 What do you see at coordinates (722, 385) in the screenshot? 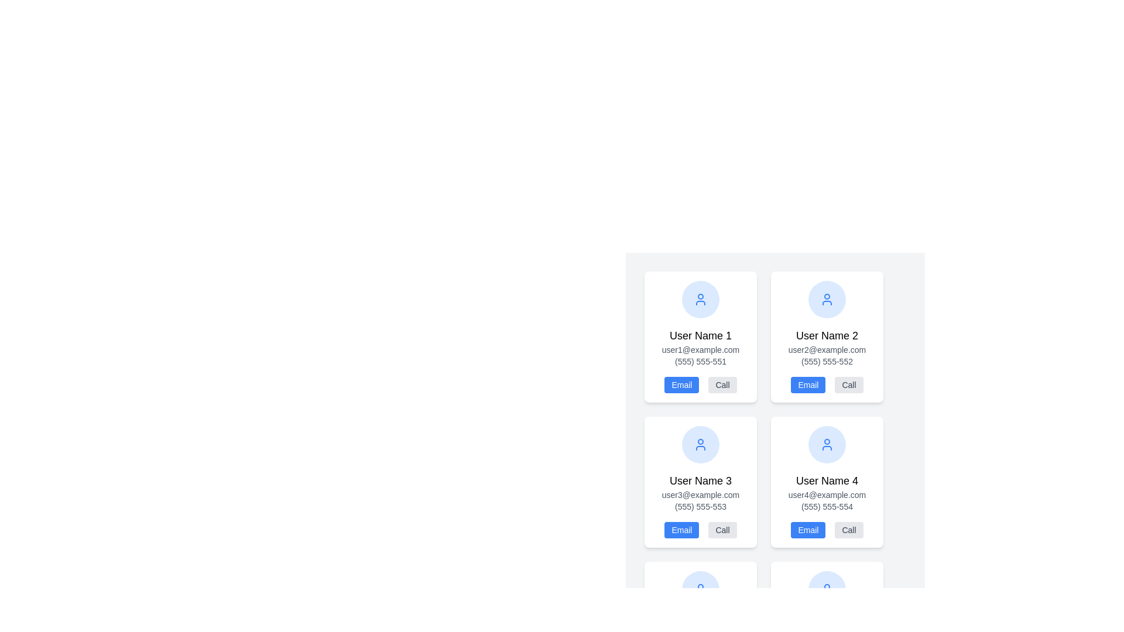
I see `the call action button located to the right of the 'Email' button at the bottom of the user card by` at bounding box center [722, 385].